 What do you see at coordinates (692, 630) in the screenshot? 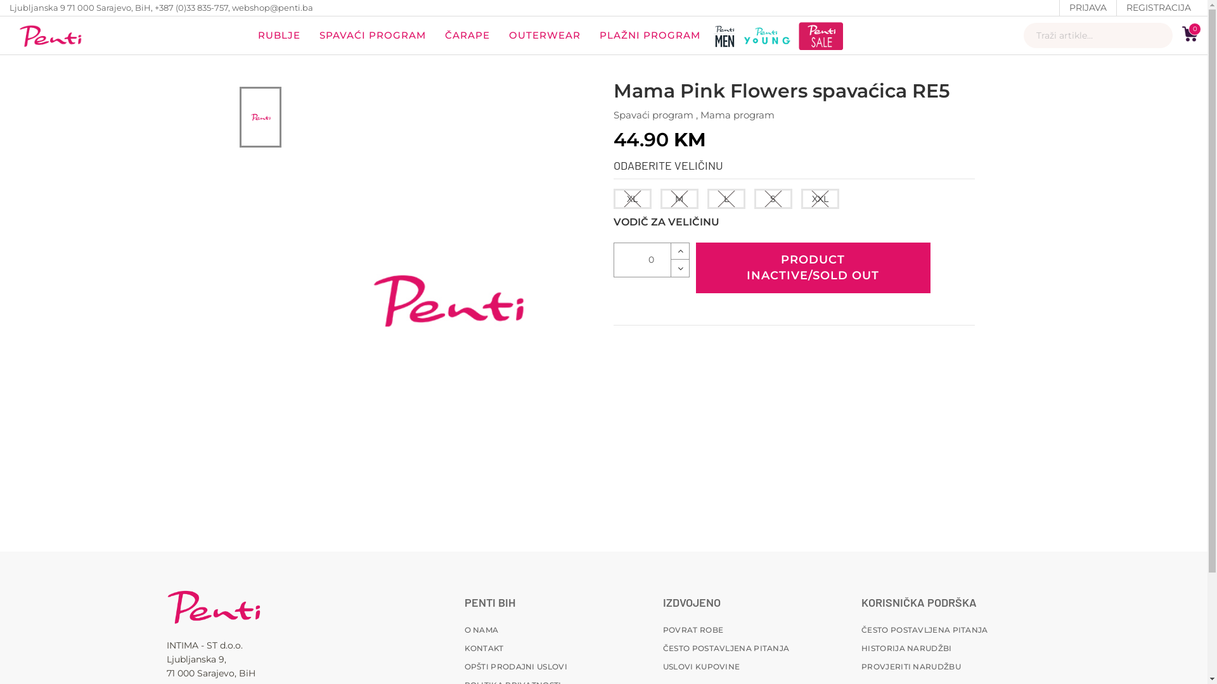
I see `'POVRAT ROBE'` at bounding box center [692, 630].